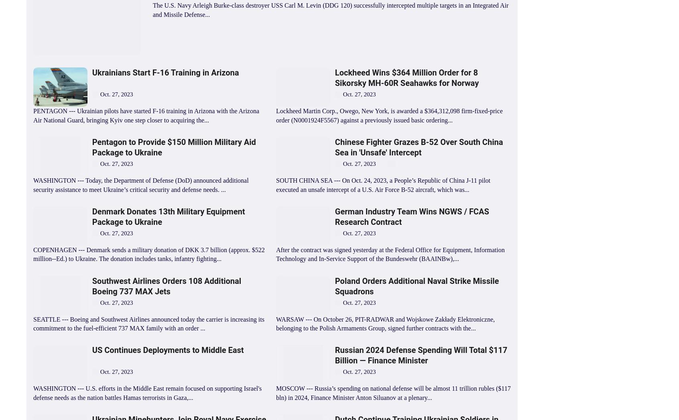  What do you see at coordinates (385, 324) in the screenshot?
I see `'WARSAW --- On October 26, PIT-RADWAR and Wojskowe Zakłady Elektroniczne, belonging to the Polish Armaments Group, signed further contracts with the...'` at bounding box center [385, 324].